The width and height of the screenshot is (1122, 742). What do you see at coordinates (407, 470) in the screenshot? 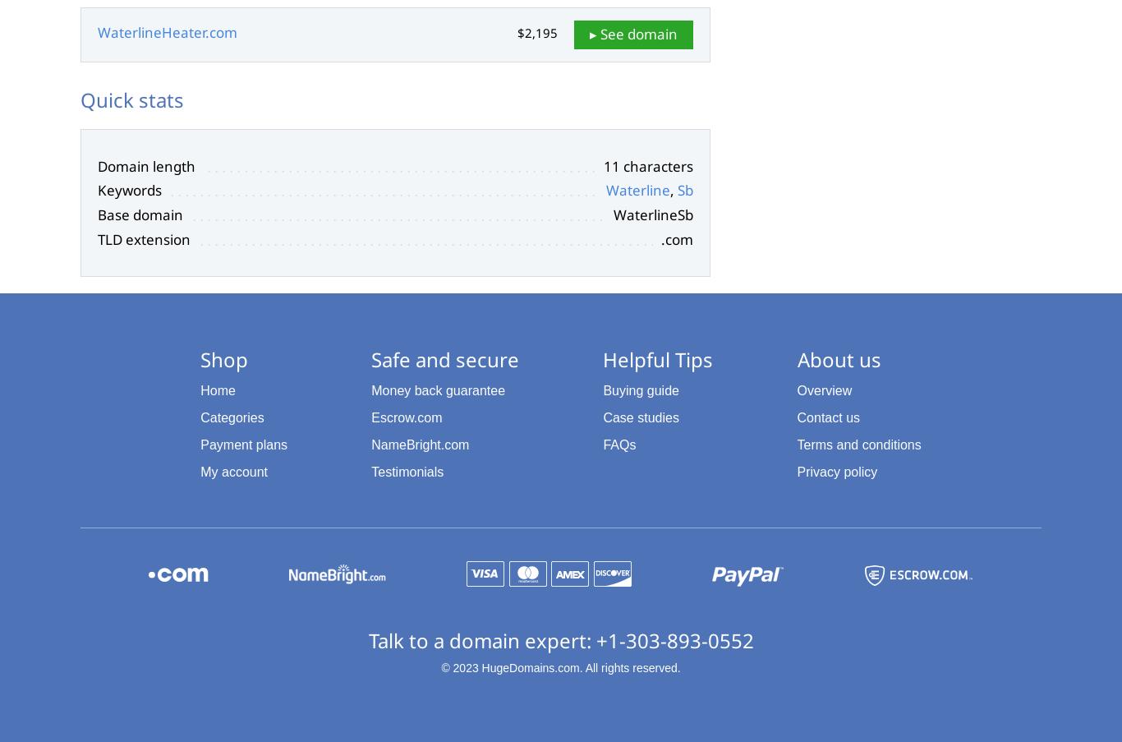
I see `'Testimonials'` at bounding box center [407, 470].